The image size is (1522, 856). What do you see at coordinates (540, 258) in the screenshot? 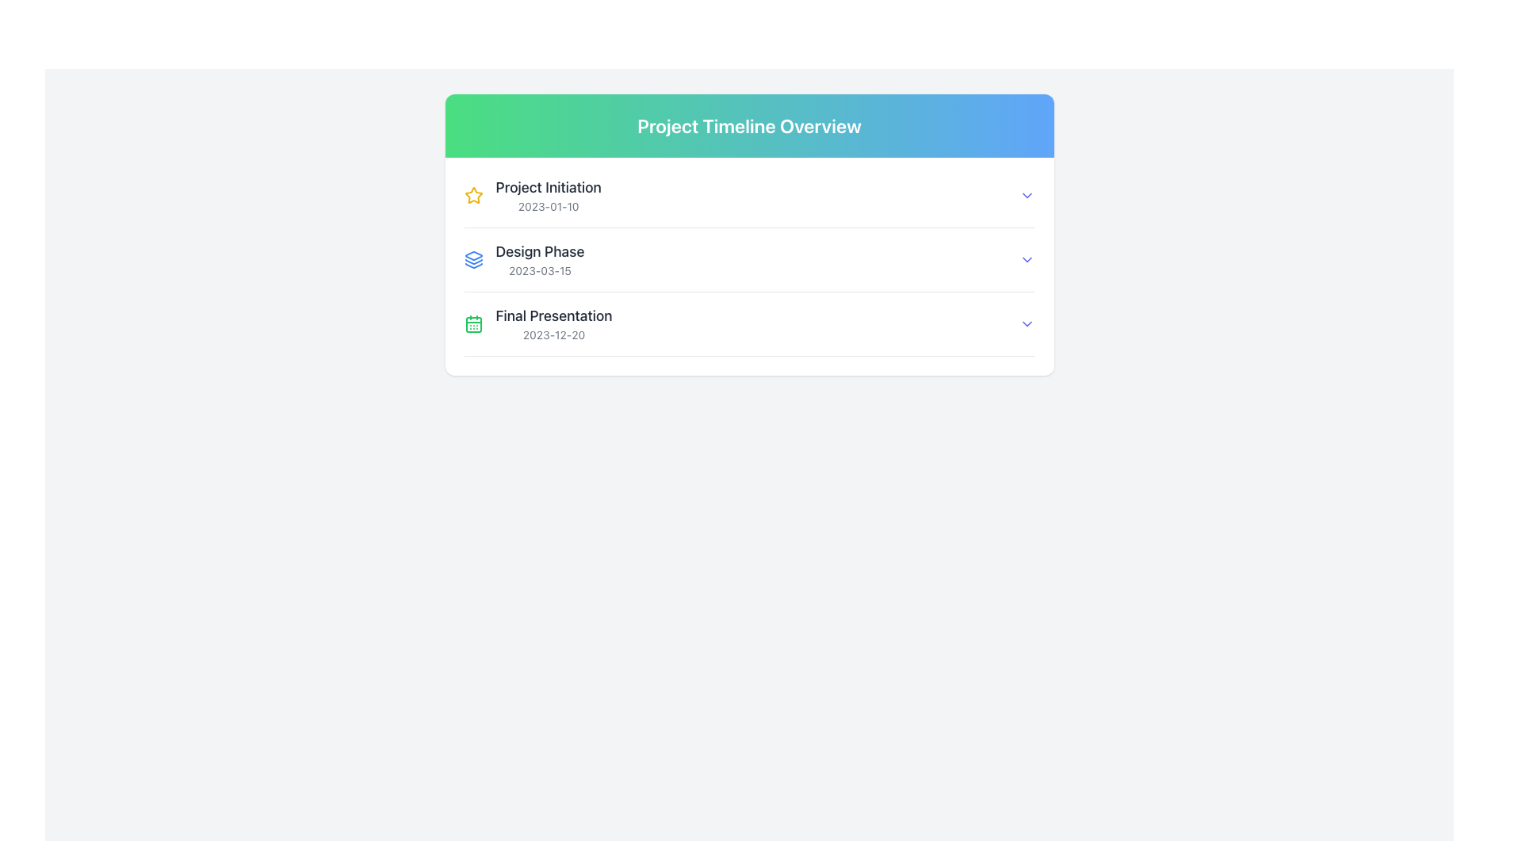
I see `the text block displaying 'Design Phase' and the date '2023-03-15', located in the second row of the 'Project Timeline Overview' list` at bounding box center [540, 258].